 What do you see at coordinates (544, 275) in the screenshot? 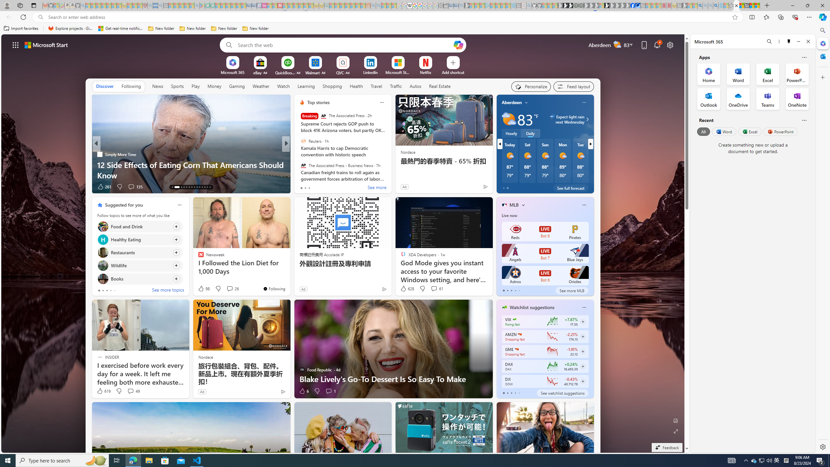
I see `'Astros LIVE Bot 6 Orioles'` at bounding box center [544, 275].